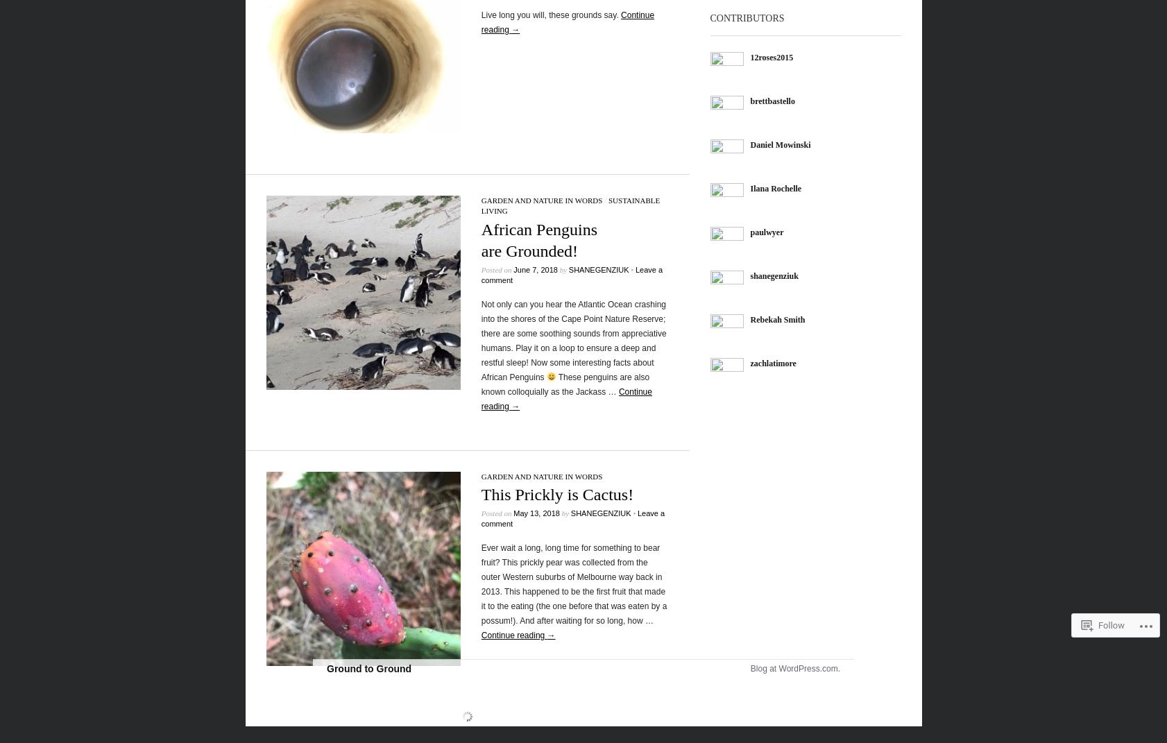 The image size is (1167, 743). What do you see at coordinates (749, 318) in the screenshot?
I see `'Rebekah Smith'` at bounding box center [749, 318].